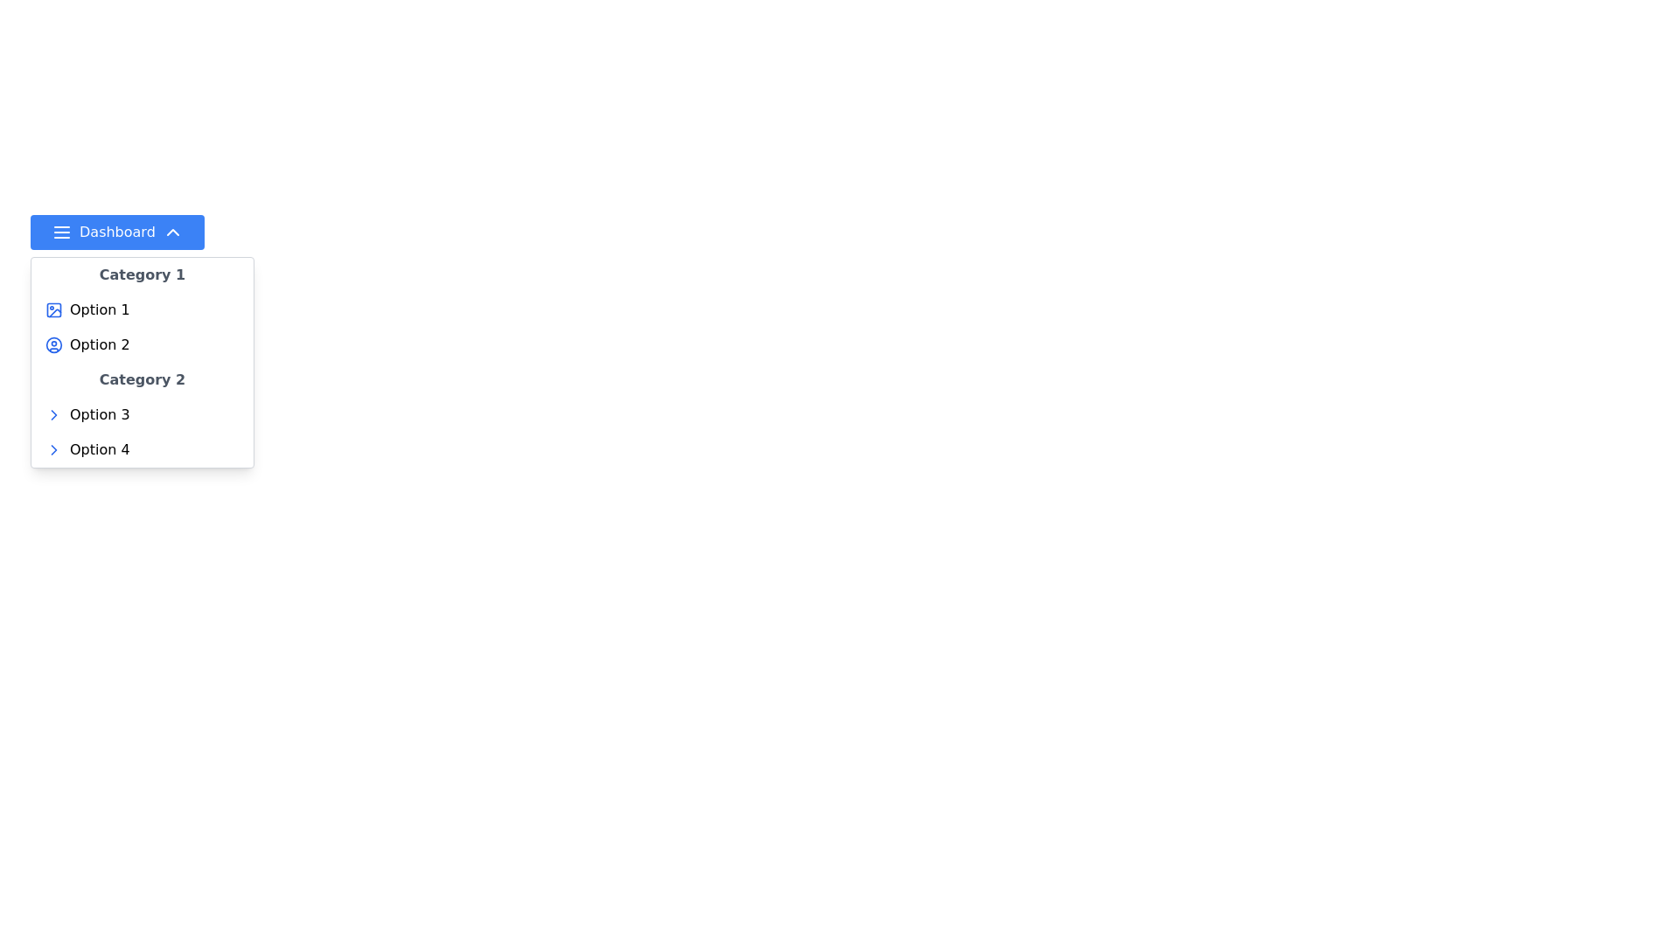 The width and height of the screenshot is (1679, 944). Describe the element at coordinates (54, 344) in the screenshot. I see `the icon representing 'Option 2', located to the left of the text 'Option 2' in the second option under 'Category 1' in the dropdown menu` at that location.